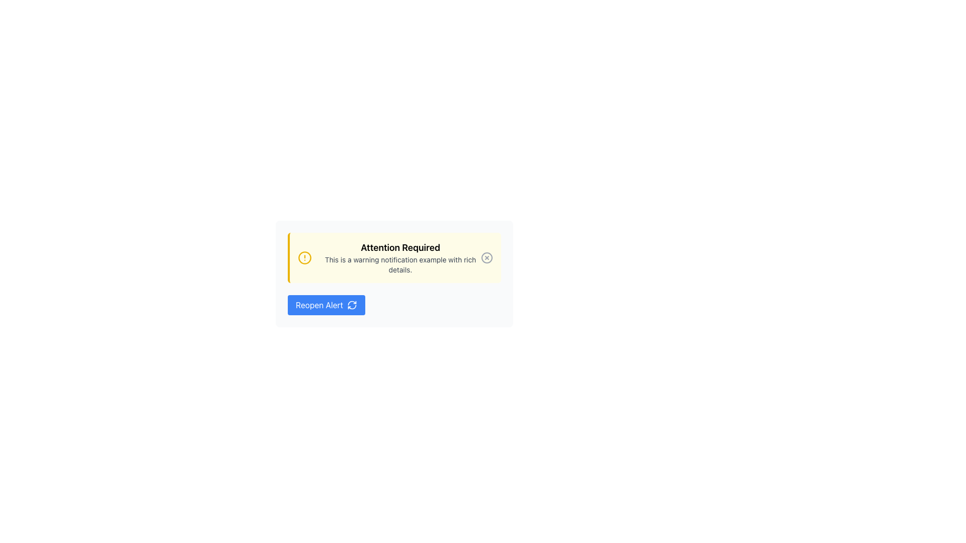  I want to click on the circular dismissal button with a central 'X' icon located on the far right of the warning notification, so click(487, 257).